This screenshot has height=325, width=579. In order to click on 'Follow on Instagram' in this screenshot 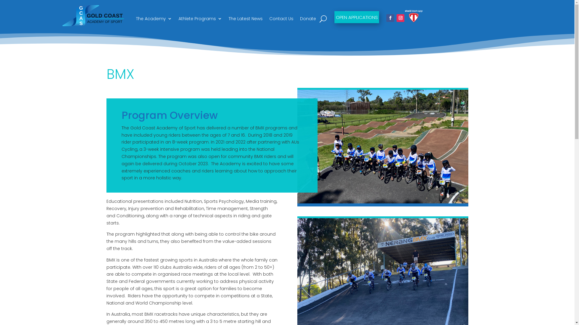, I will do `click(400, 18)`.